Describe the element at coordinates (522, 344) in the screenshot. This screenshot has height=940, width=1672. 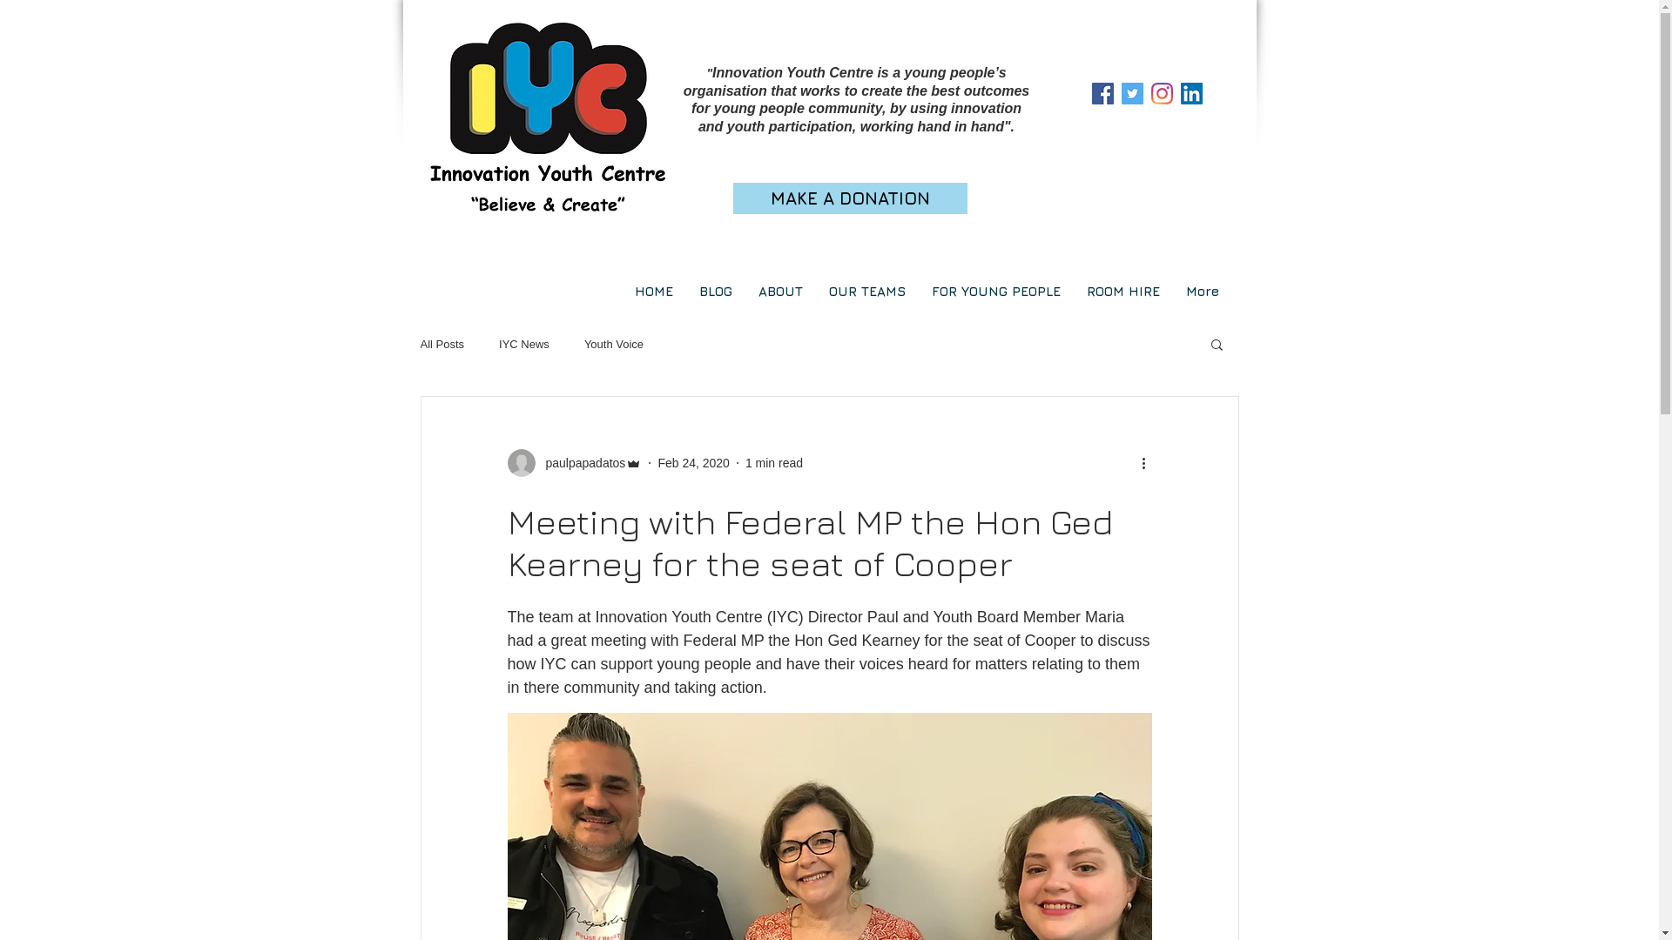
I see `'IYC News'` at that location.